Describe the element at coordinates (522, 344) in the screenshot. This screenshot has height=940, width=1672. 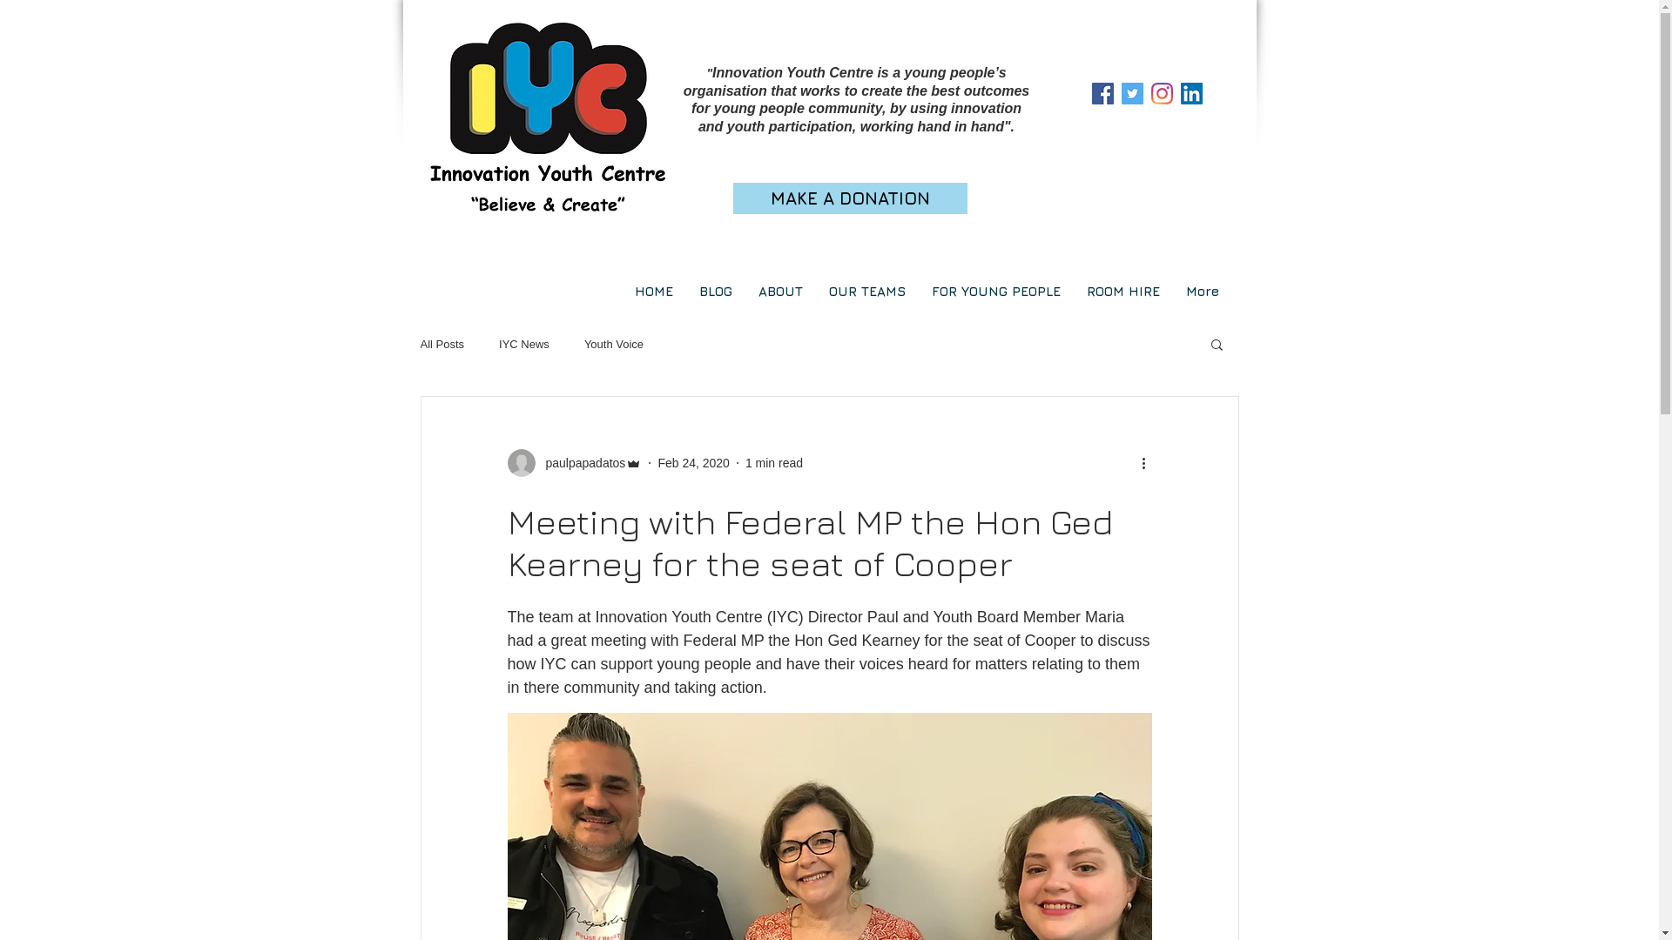
I see `'IYC News'` at that location.